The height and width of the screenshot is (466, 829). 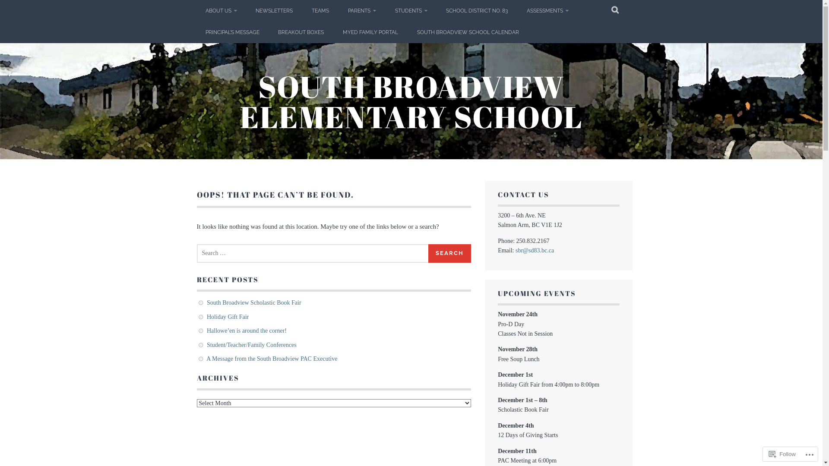 I want to click on 'ABOUT US', so click(x=221, y=10).